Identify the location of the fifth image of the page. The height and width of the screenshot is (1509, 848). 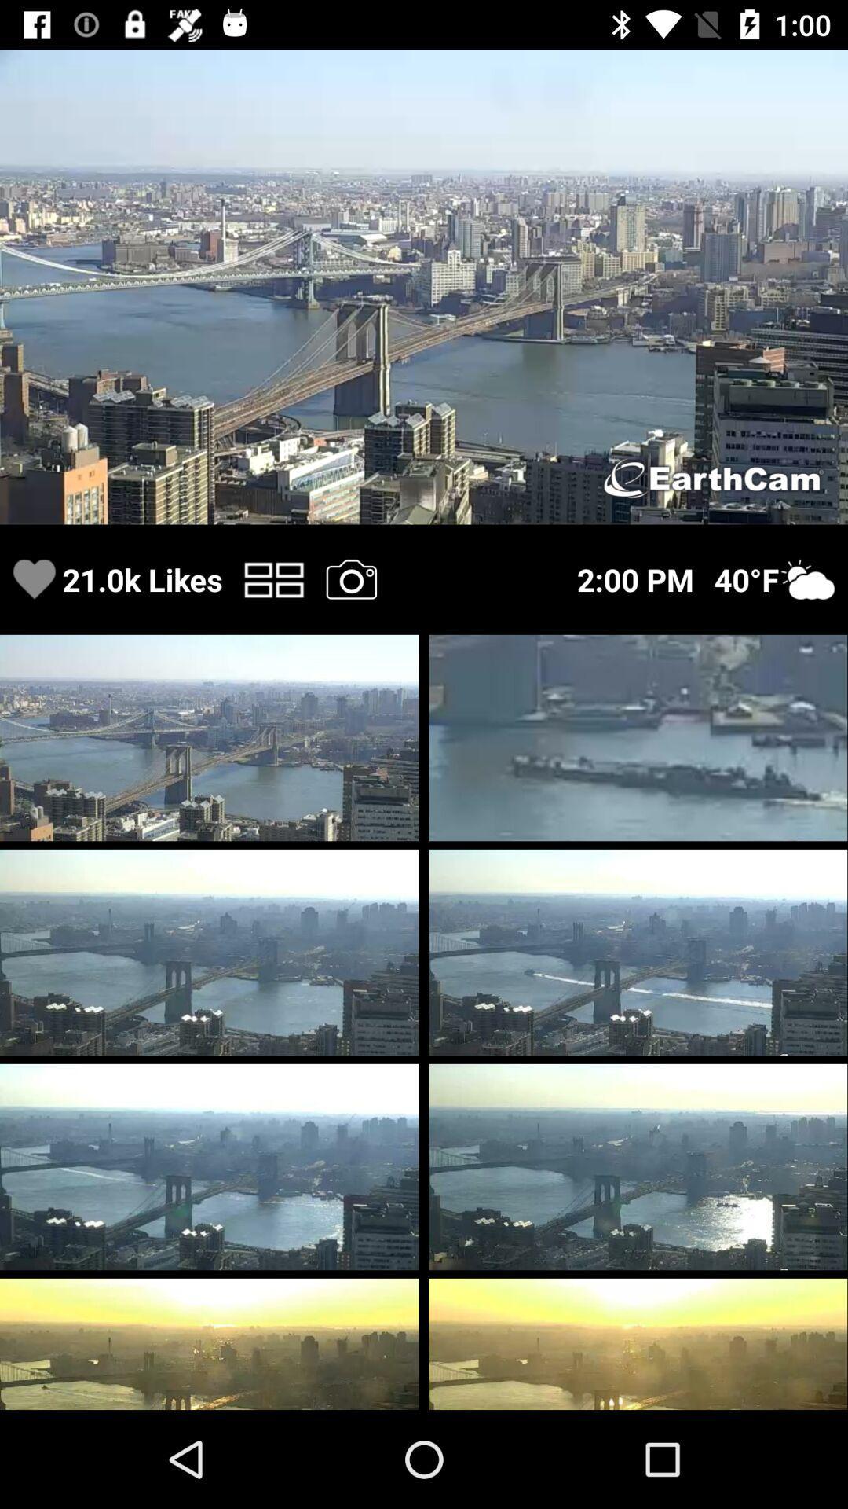
(638, 951).